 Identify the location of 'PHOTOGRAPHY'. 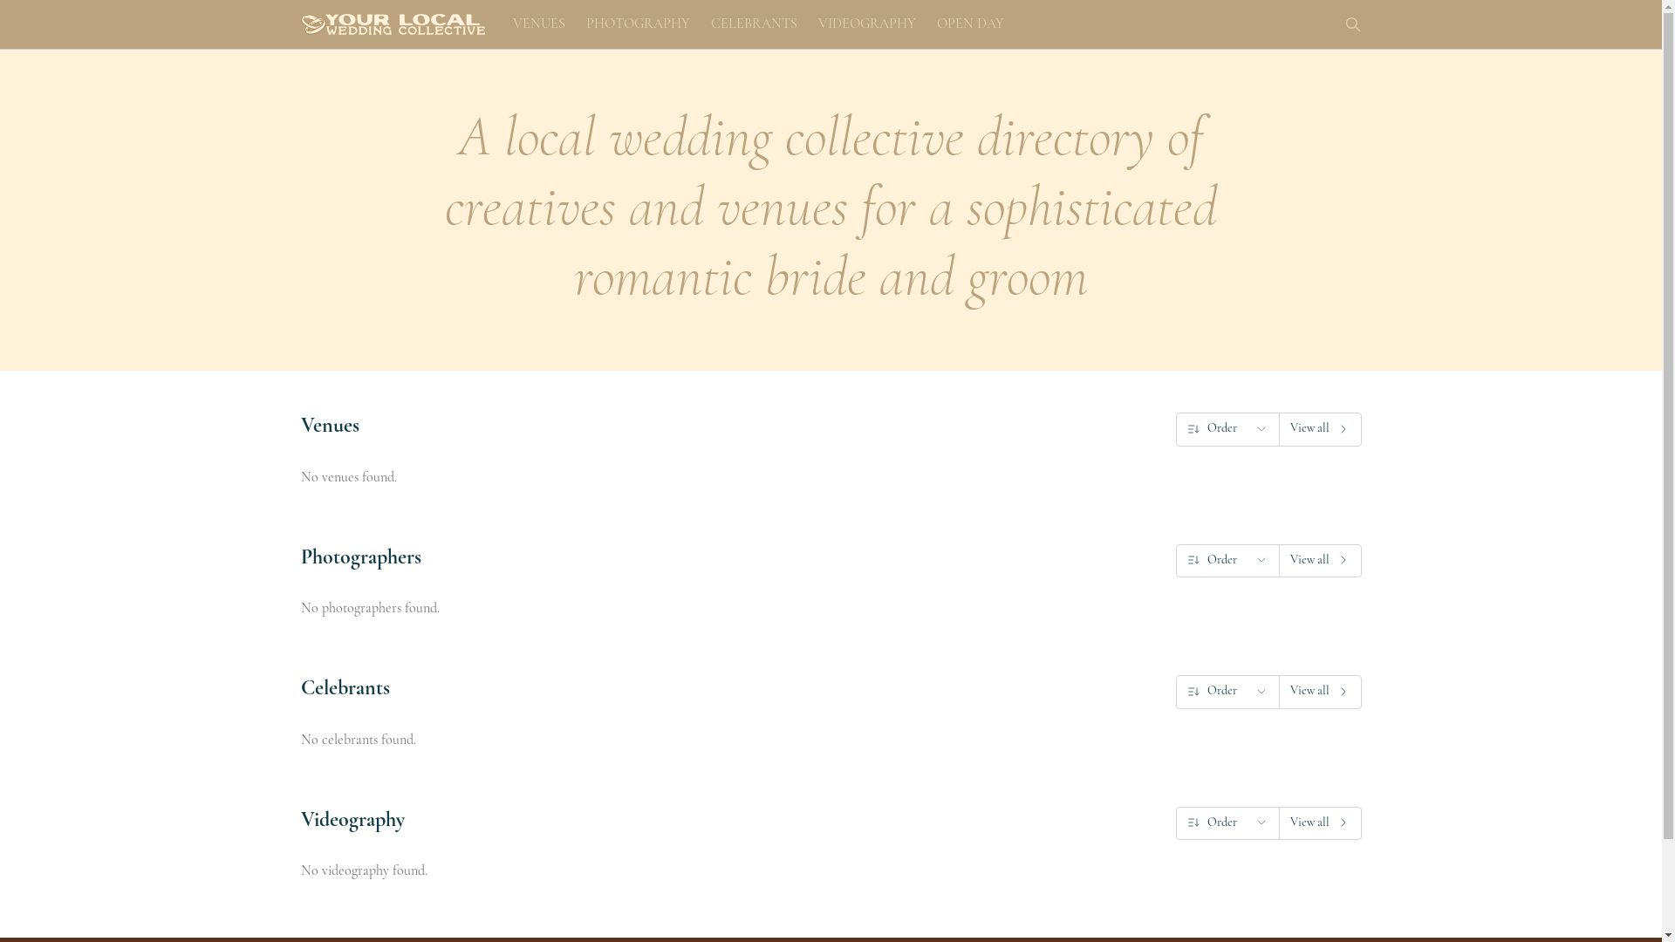
(637, 24).